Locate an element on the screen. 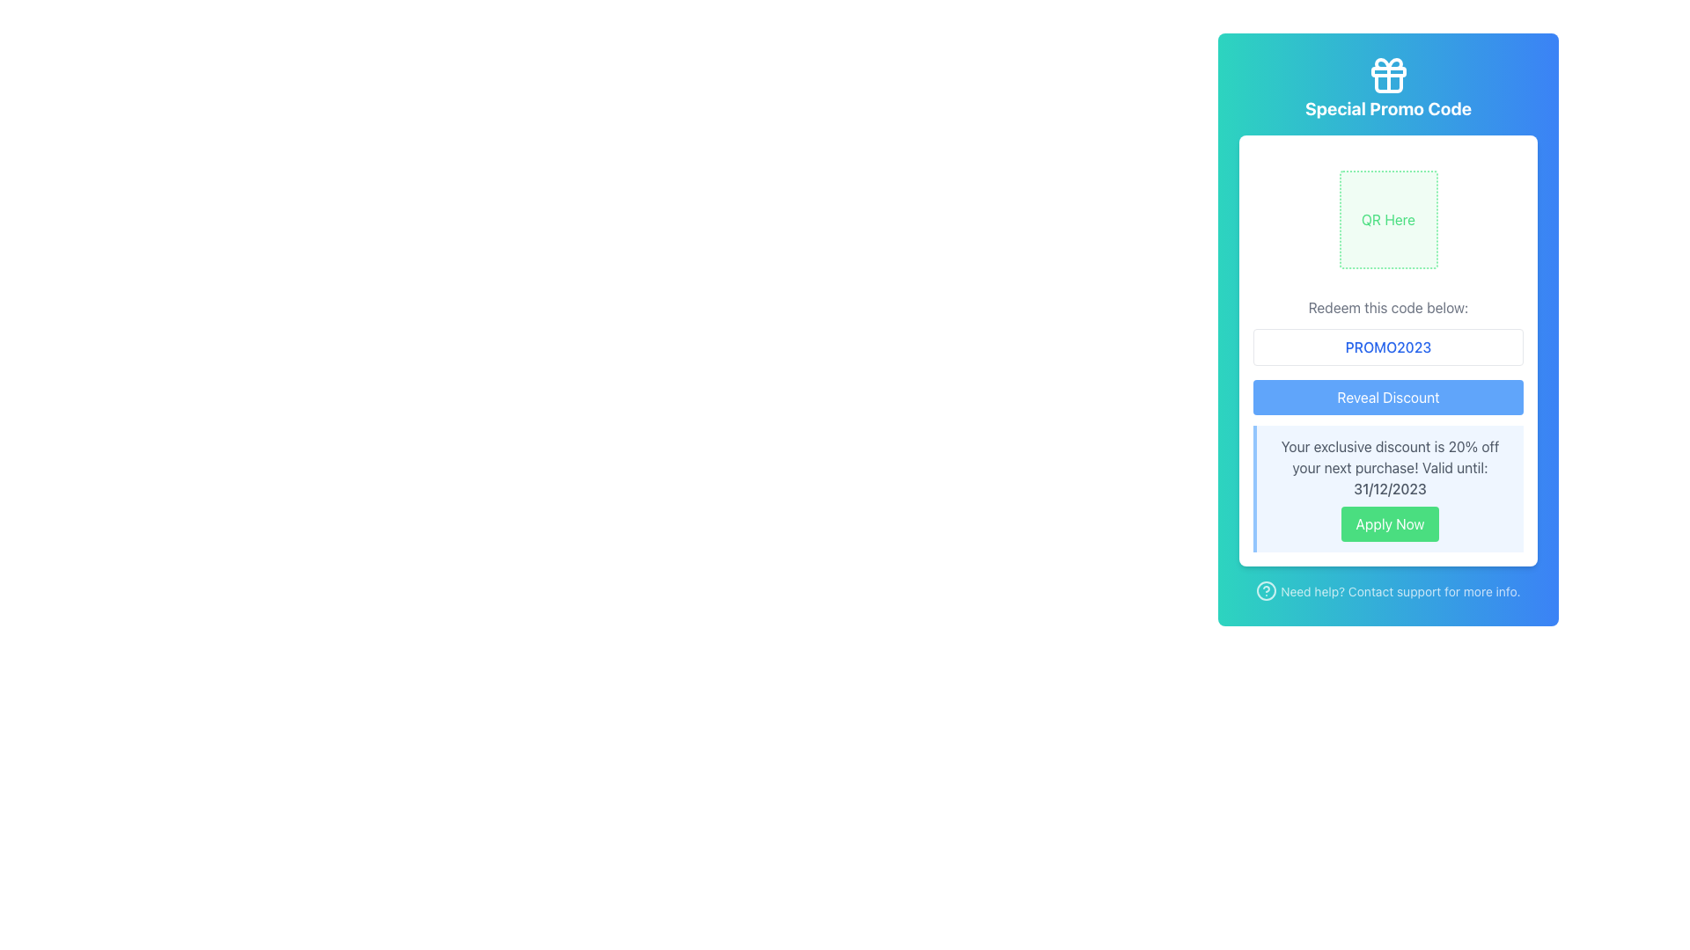 Image resolution: width=1690 pixels, height=950 pixels. the prominent blue button with bold white text that says 'Reveal Discount' is located at coordinates (1387, 397).